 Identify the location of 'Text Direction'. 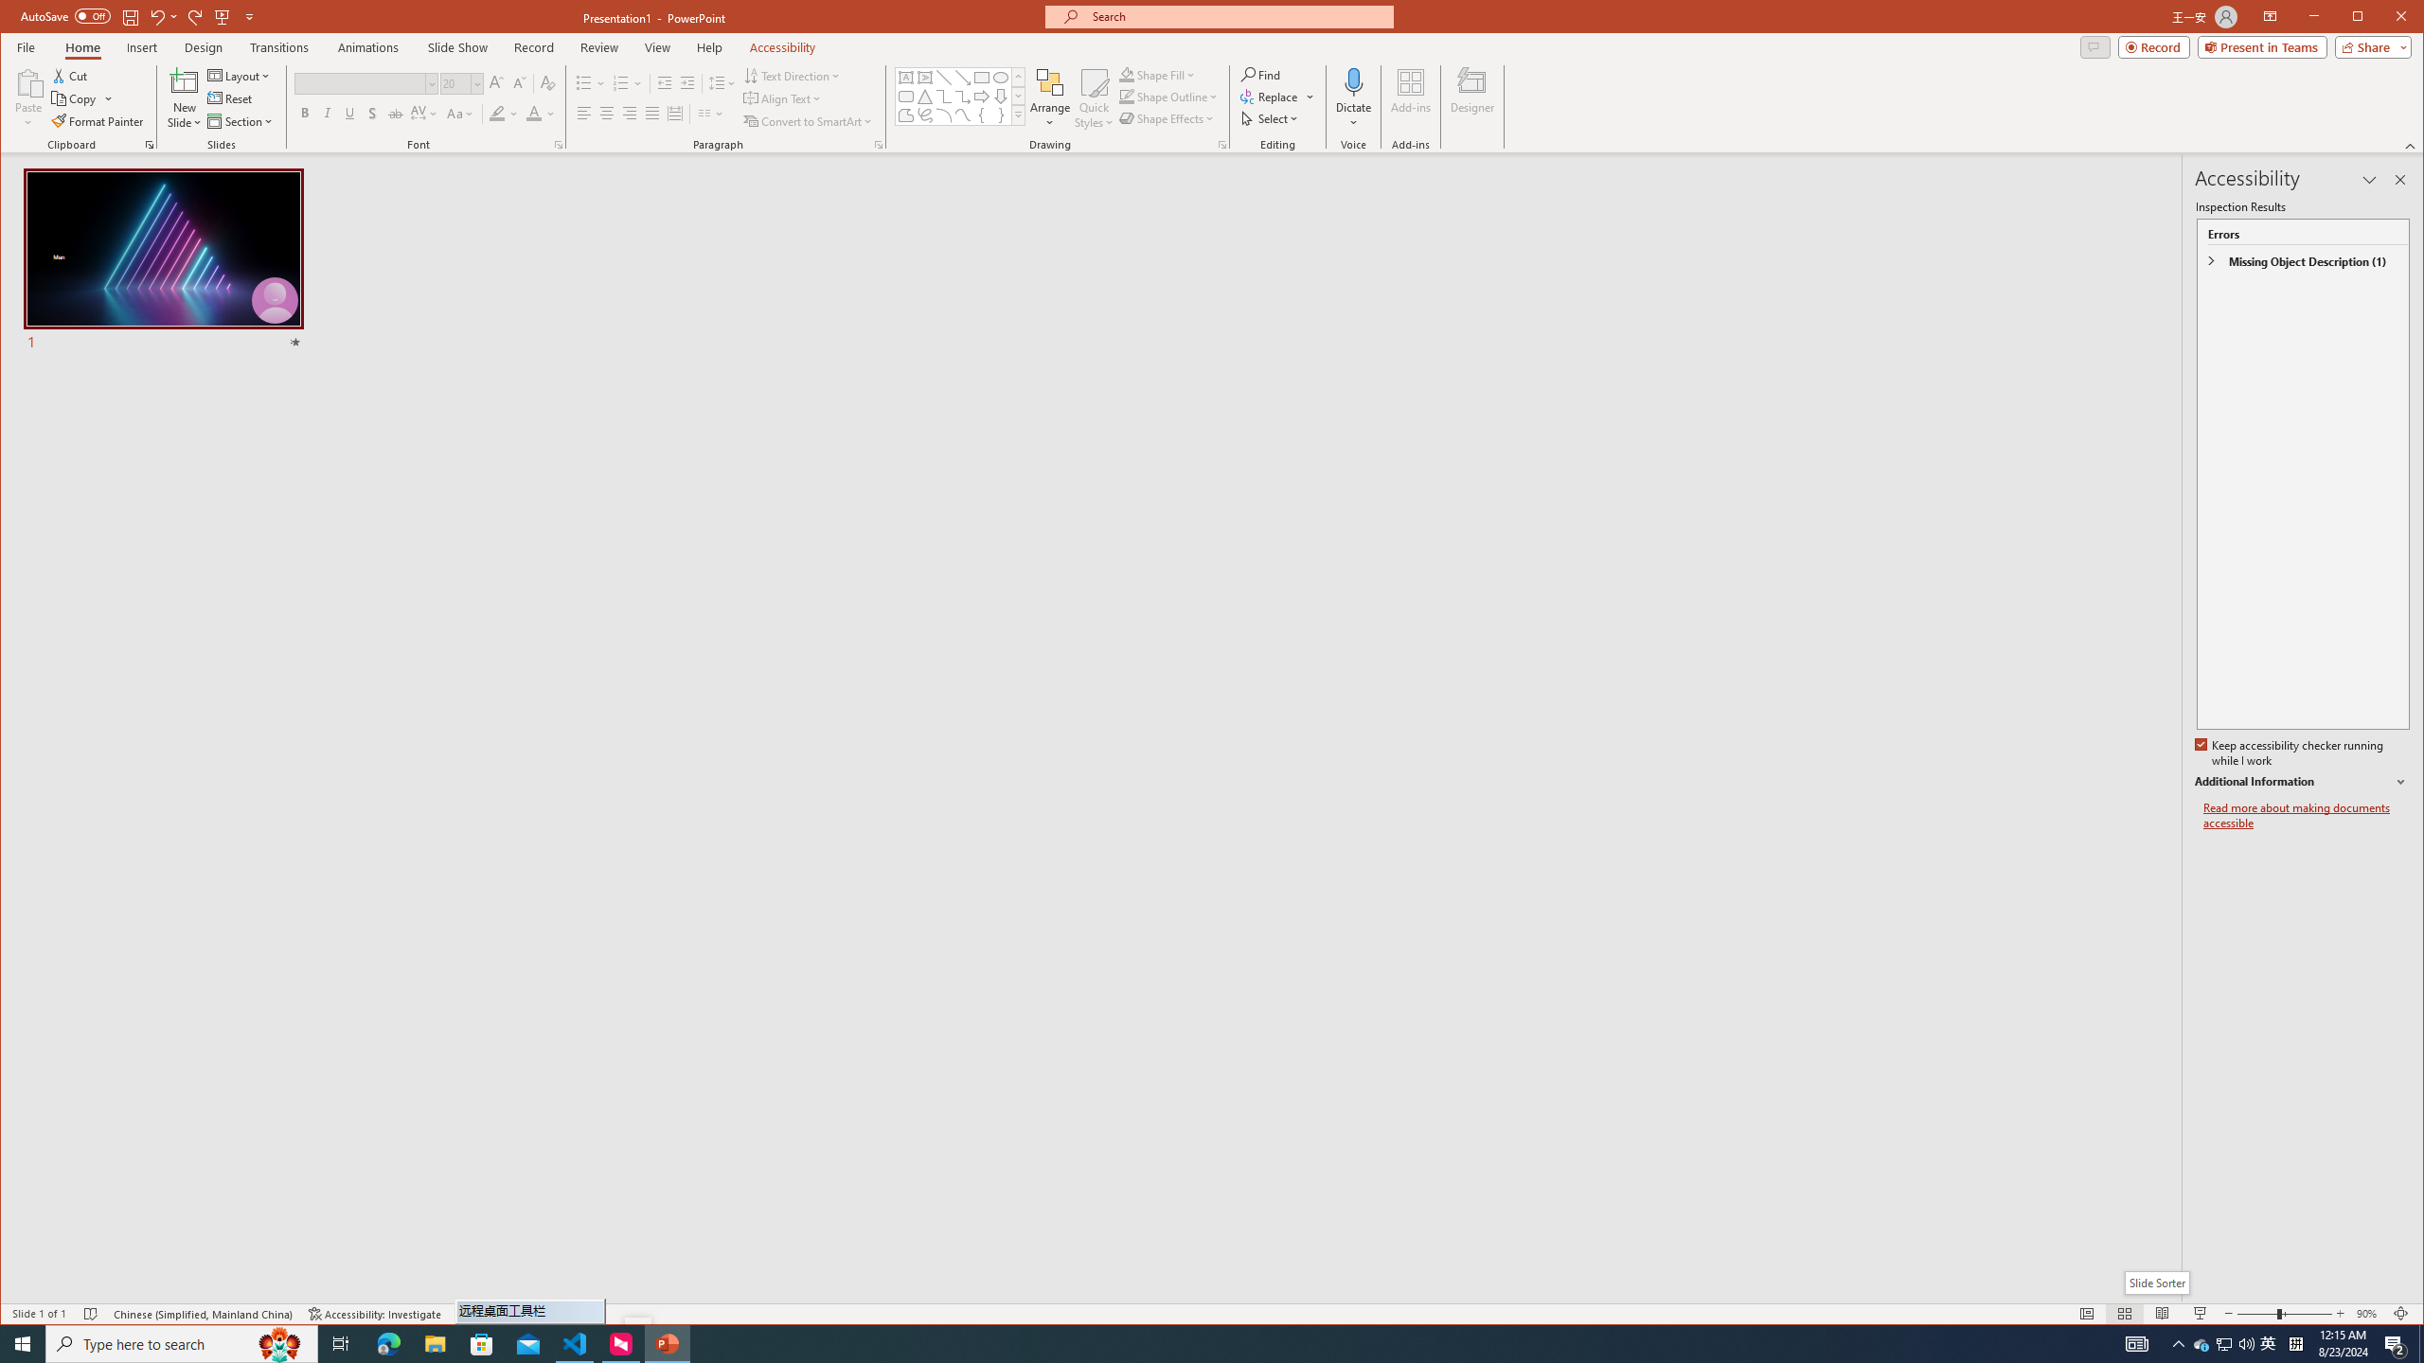
(792, 76).